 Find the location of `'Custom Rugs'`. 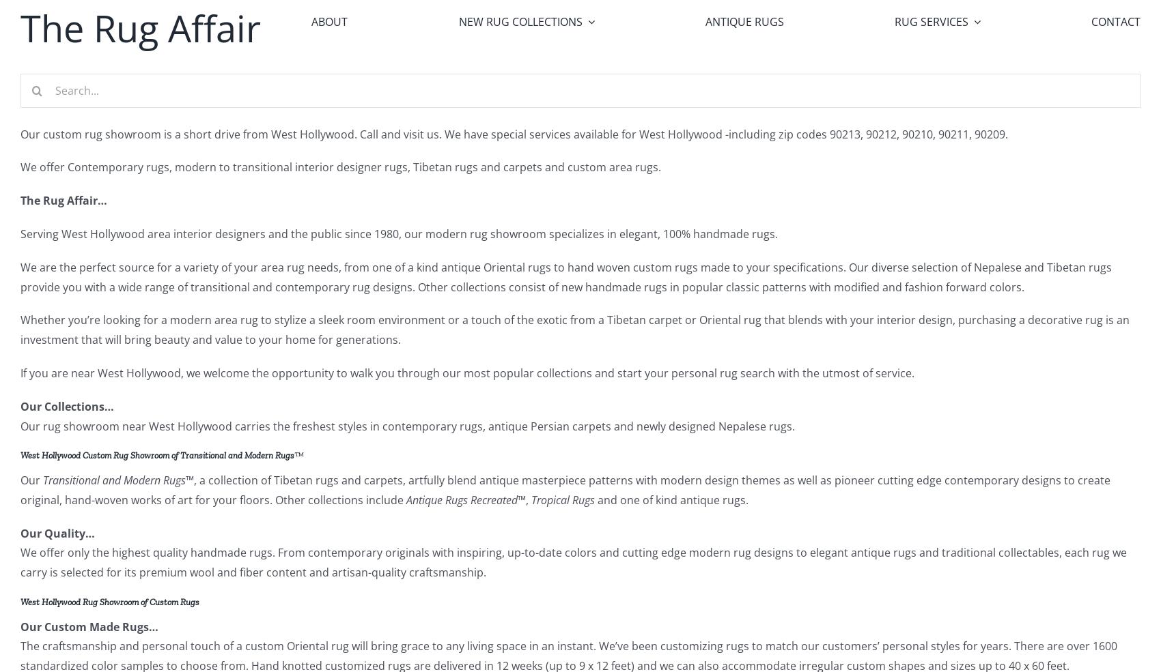

'Custom Rugs' is located at coordinates (502, 196).